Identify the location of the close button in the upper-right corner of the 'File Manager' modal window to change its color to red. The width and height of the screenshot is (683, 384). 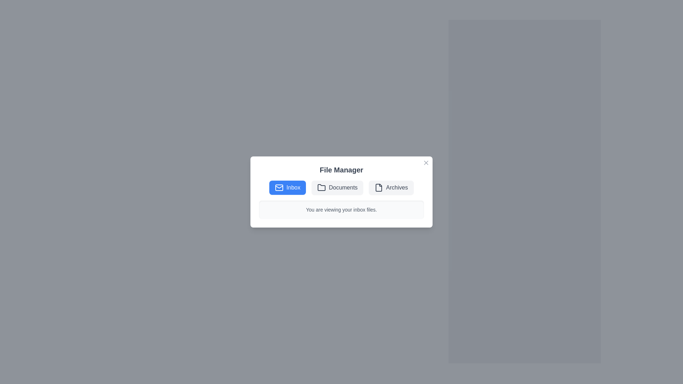
(426, 163).